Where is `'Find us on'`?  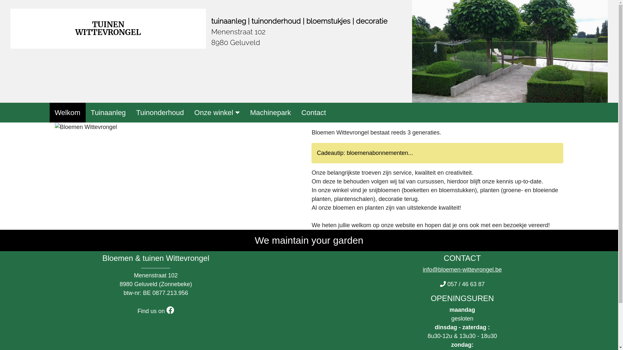
'Find us on' is located at coordinates (156, 311).